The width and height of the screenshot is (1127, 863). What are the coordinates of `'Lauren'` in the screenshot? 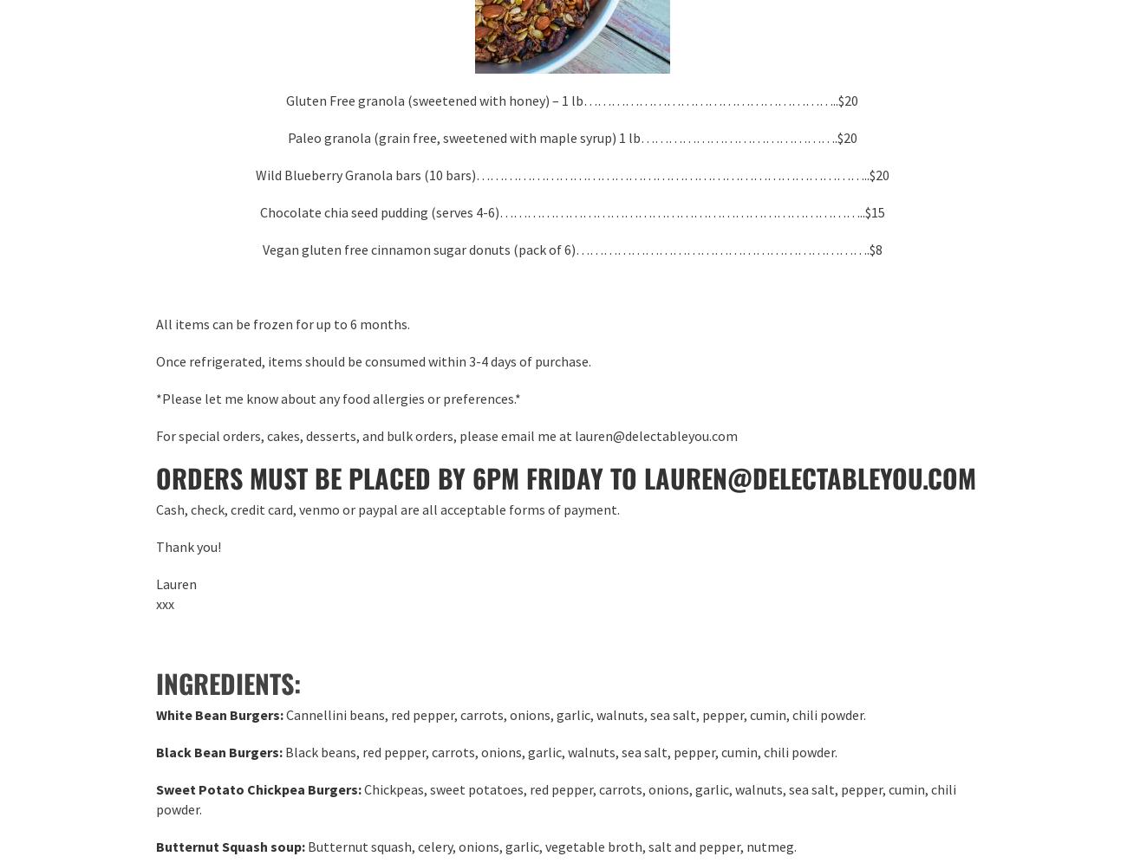 It's located at (176, 583).